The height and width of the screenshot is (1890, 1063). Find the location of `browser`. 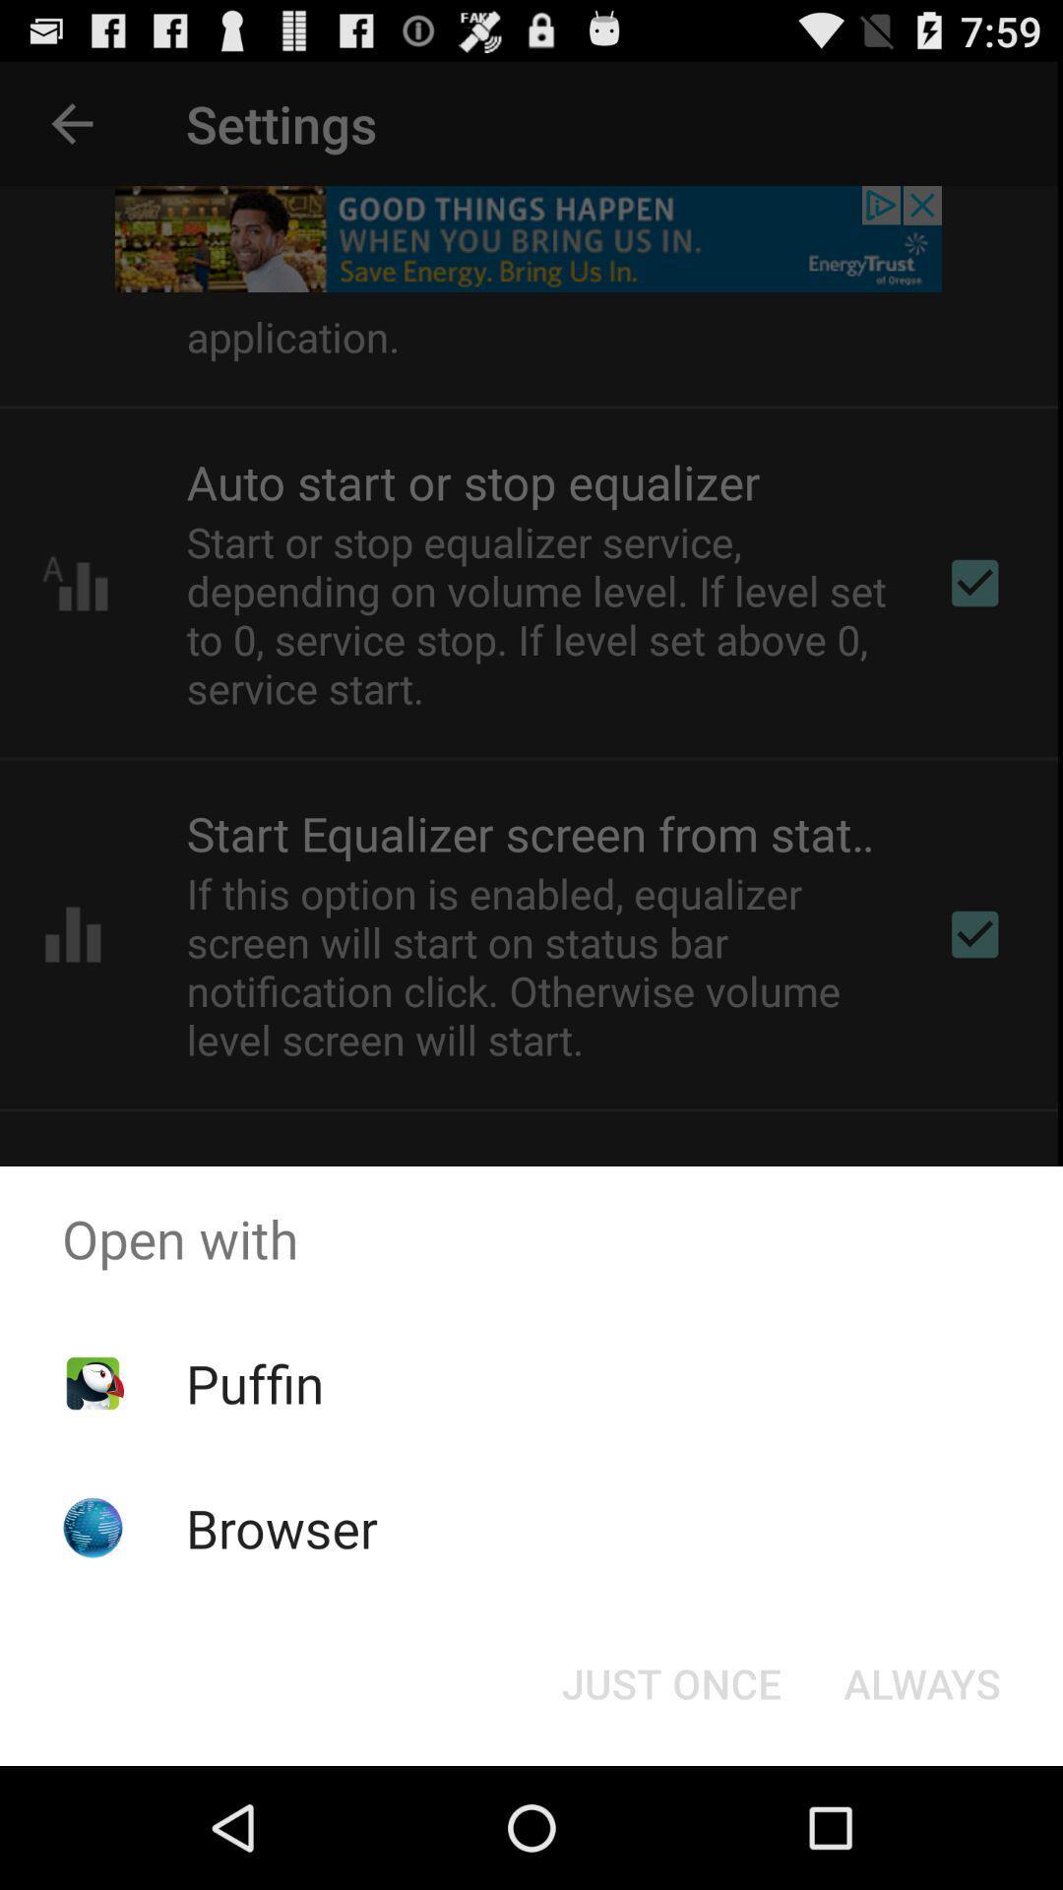

browser is located at coordinates (281, 1527).